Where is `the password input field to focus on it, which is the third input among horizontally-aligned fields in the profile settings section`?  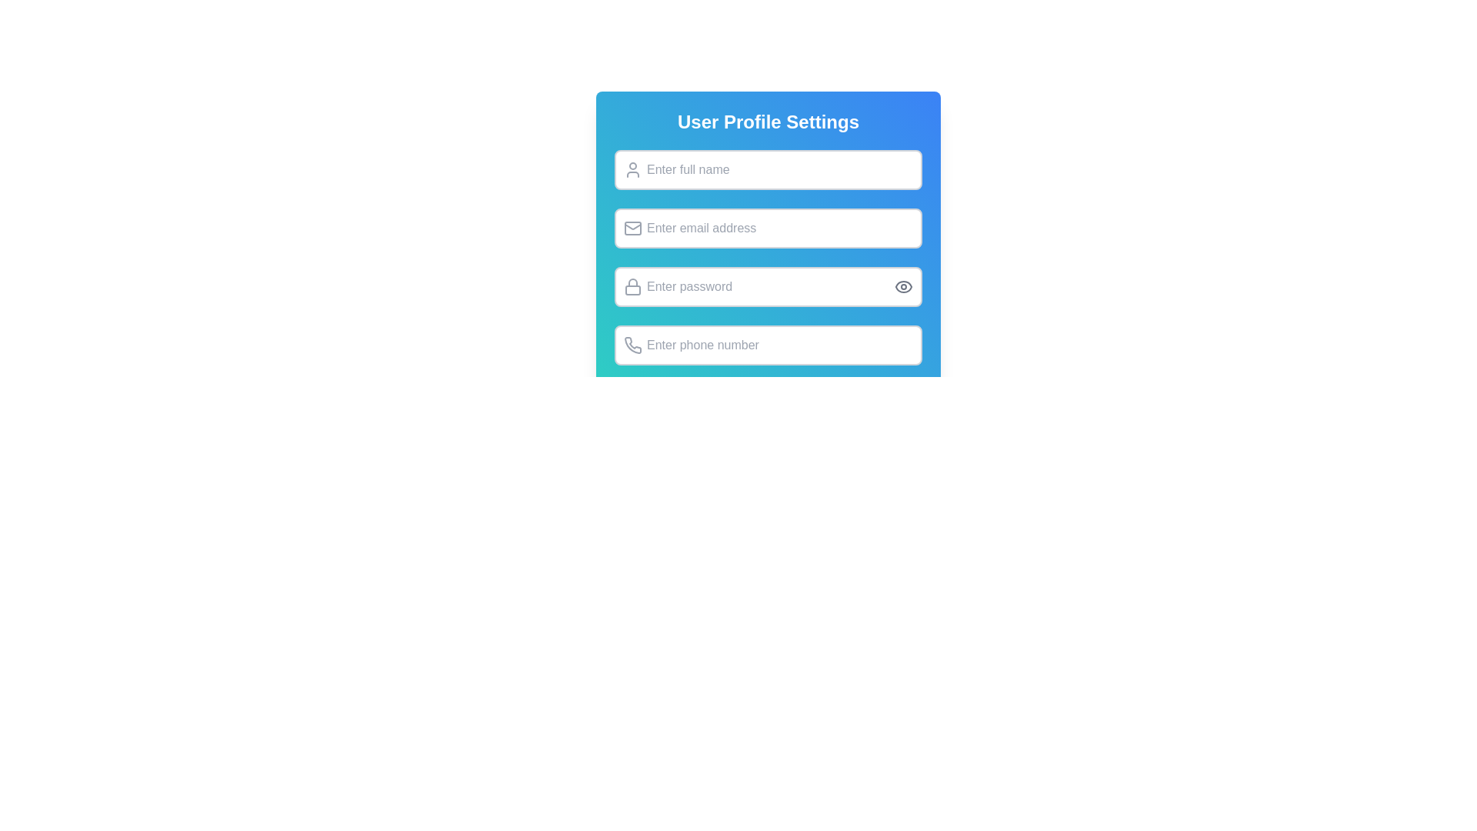
the password input field to focus on it, which is the third input among horizontally-aligned fields in the profile settings section is located at coordinates (768, 287).